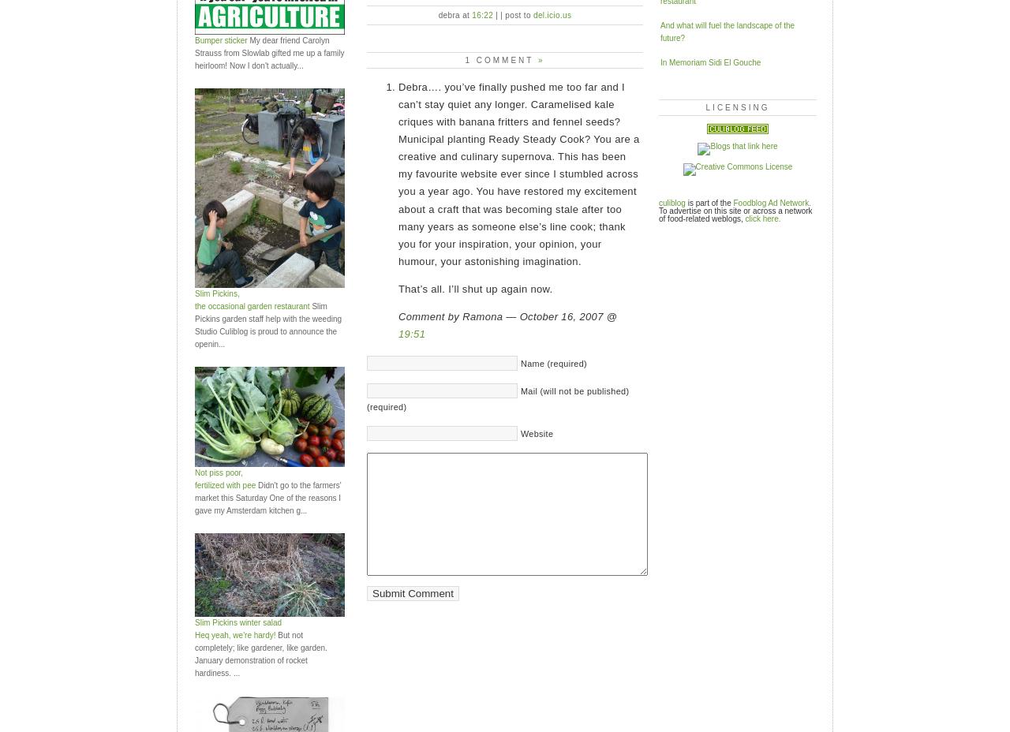 This screenshot has width=1010, height=732. What do you see at coordinates (492, 13) in the screenshot?
I see `'|  
| post to'` at bounding box center [492, 13].